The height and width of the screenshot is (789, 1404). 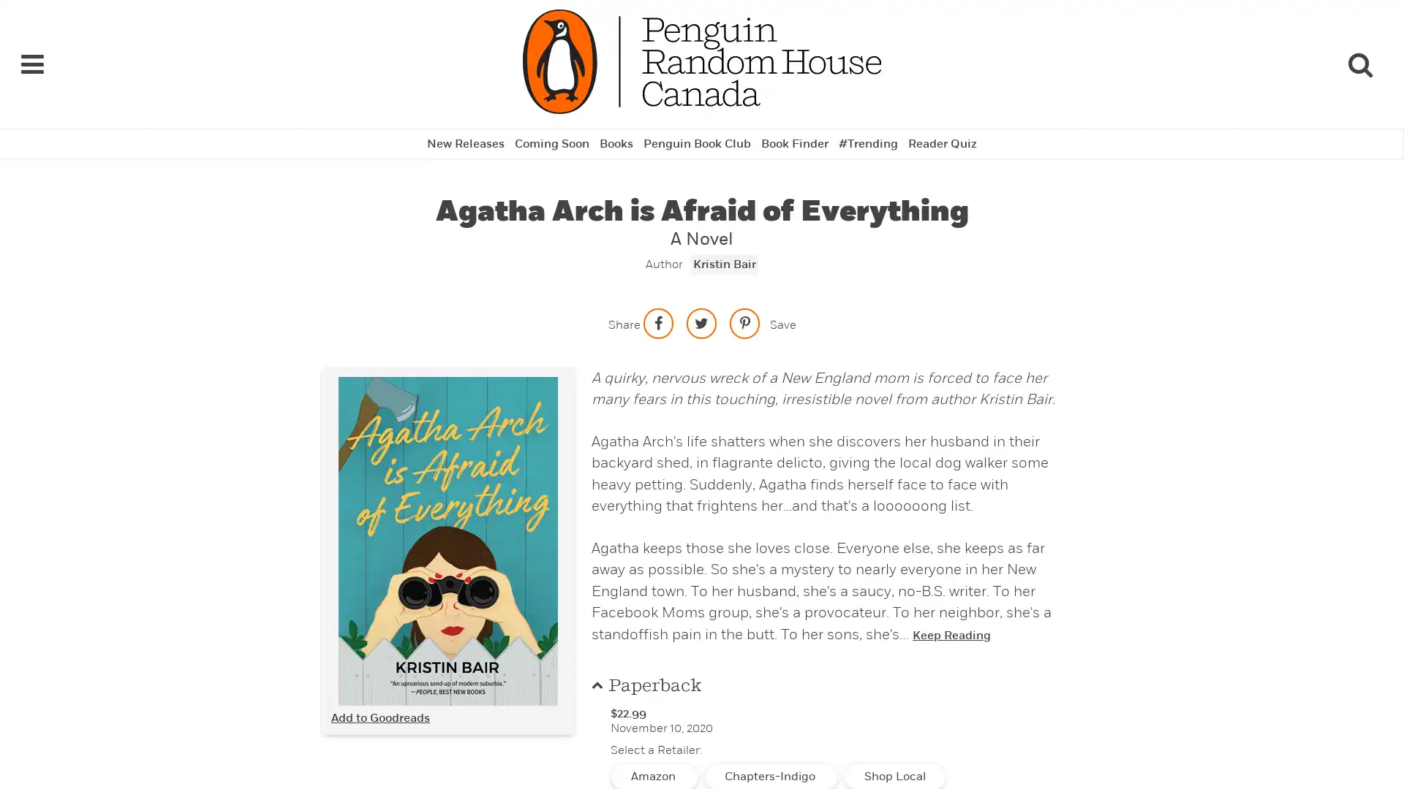 I want to click on Share on facebook, so click(x=657, y=274).